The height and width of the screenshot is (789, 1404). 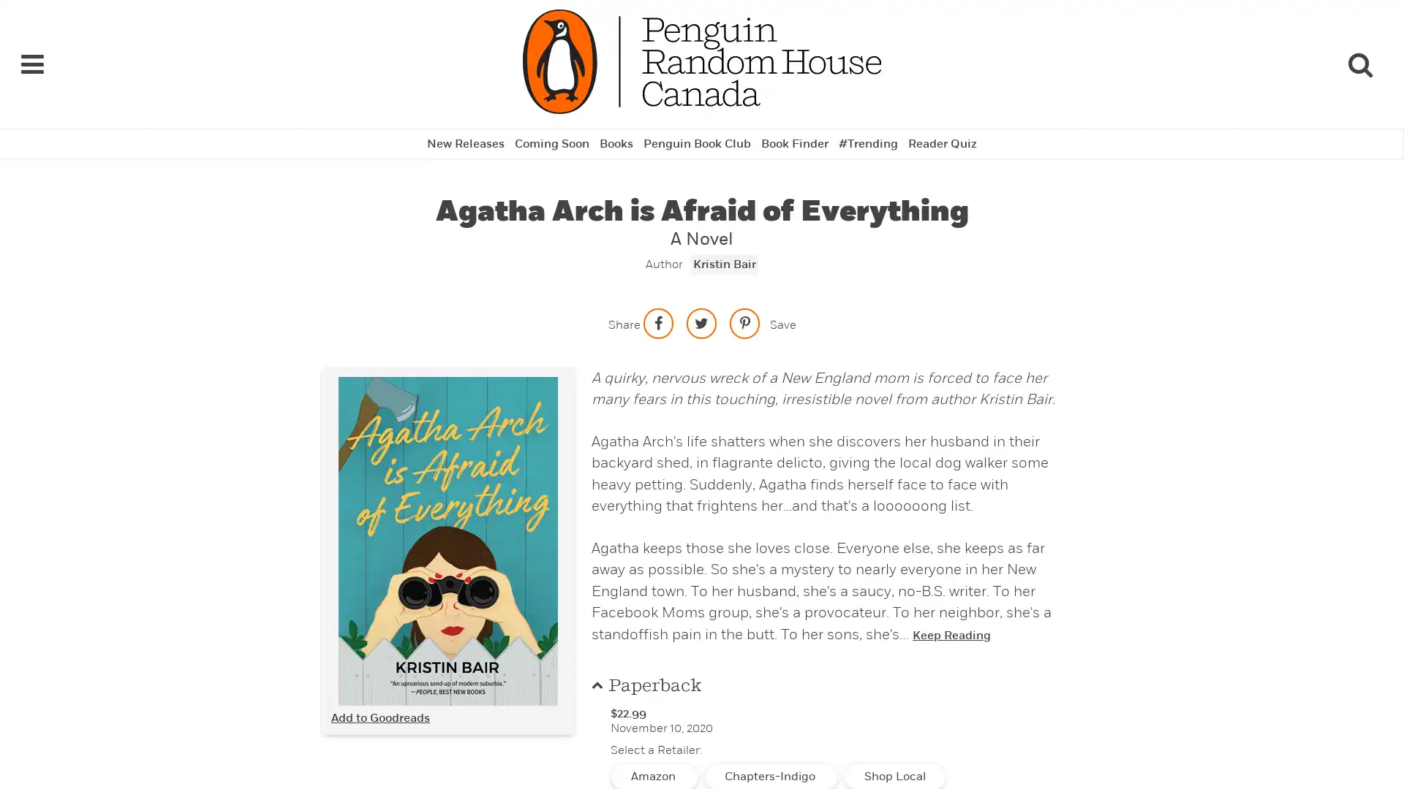 I want to click on Share on facebook, so click(x=657, y=274).